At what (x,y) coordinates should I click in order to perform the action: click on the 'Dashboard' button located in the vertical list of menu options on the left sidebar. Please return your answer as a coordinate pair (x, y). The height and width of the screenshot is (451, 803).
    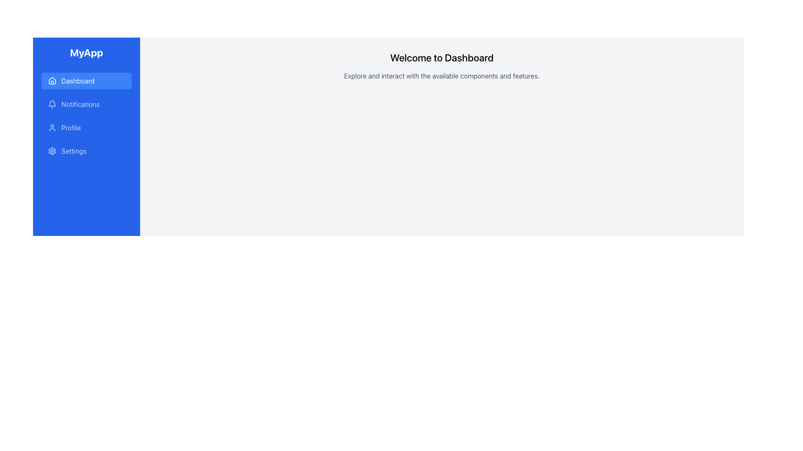
    Looking at the image, I should click on (86, 81).